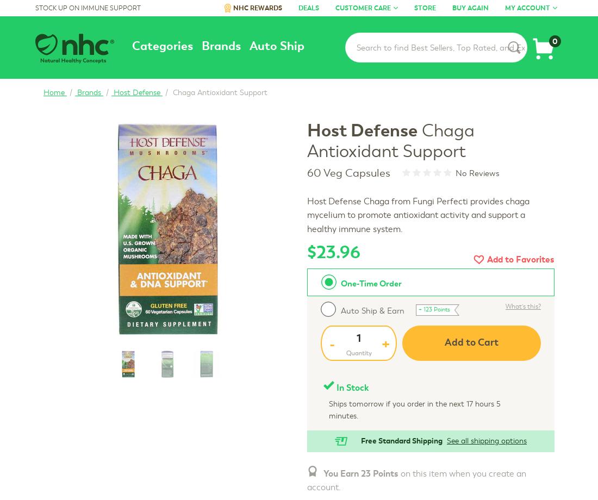  I want to click on 'Brands', so click(74, 92).